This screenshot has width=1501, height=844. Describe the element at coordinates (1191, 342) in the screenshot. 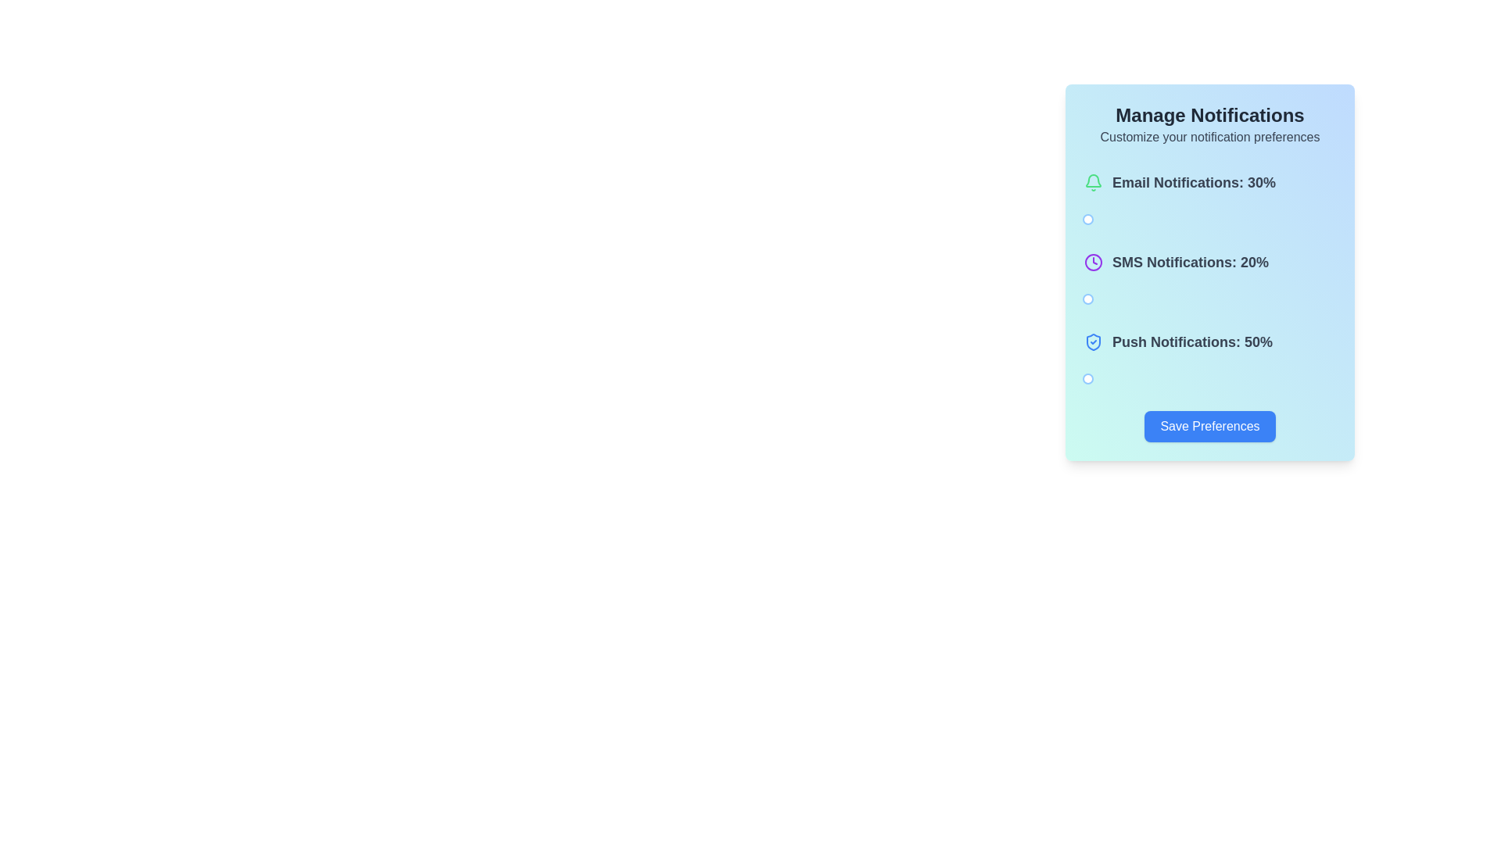

I see `the text label displaying 'Push Notifications: 50%', which is the third entry in the vertical list of notification preferences, situated below the SMS Notifications entry and aligned to the right of a blue shield icon` at that location.